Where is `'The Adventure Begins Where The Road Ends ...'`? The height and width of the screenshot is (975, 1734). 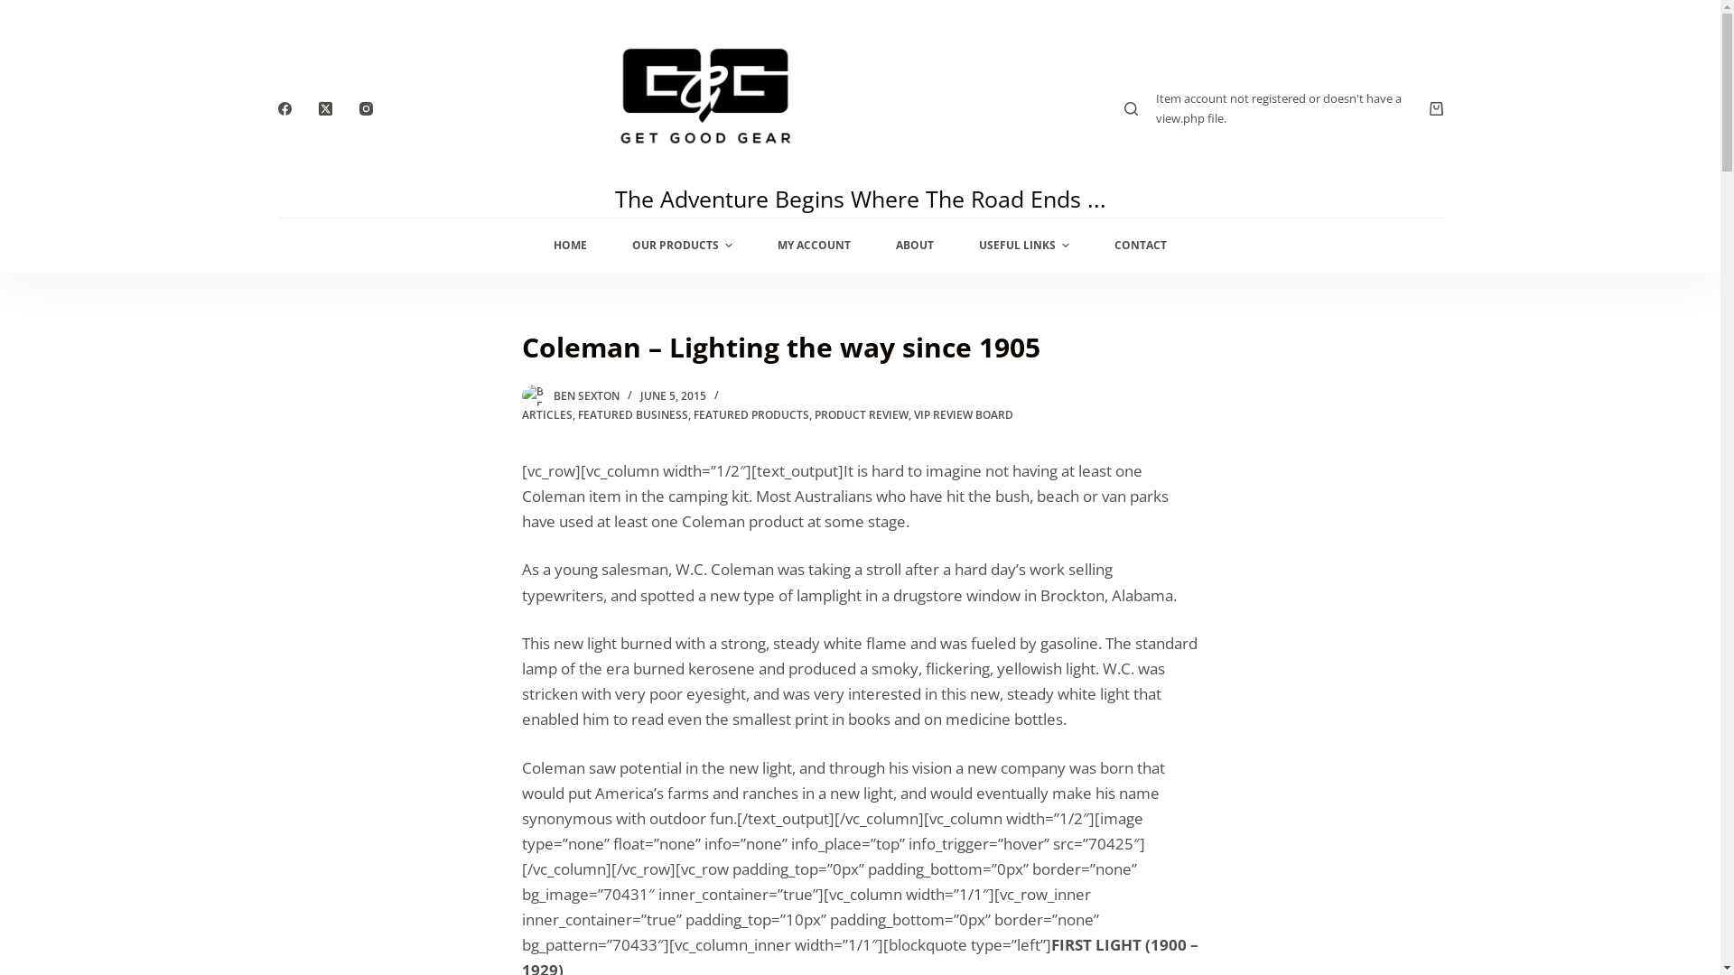
'The Adventure Begins Where The Road Ends ...' is located at coordinates (858, 198).